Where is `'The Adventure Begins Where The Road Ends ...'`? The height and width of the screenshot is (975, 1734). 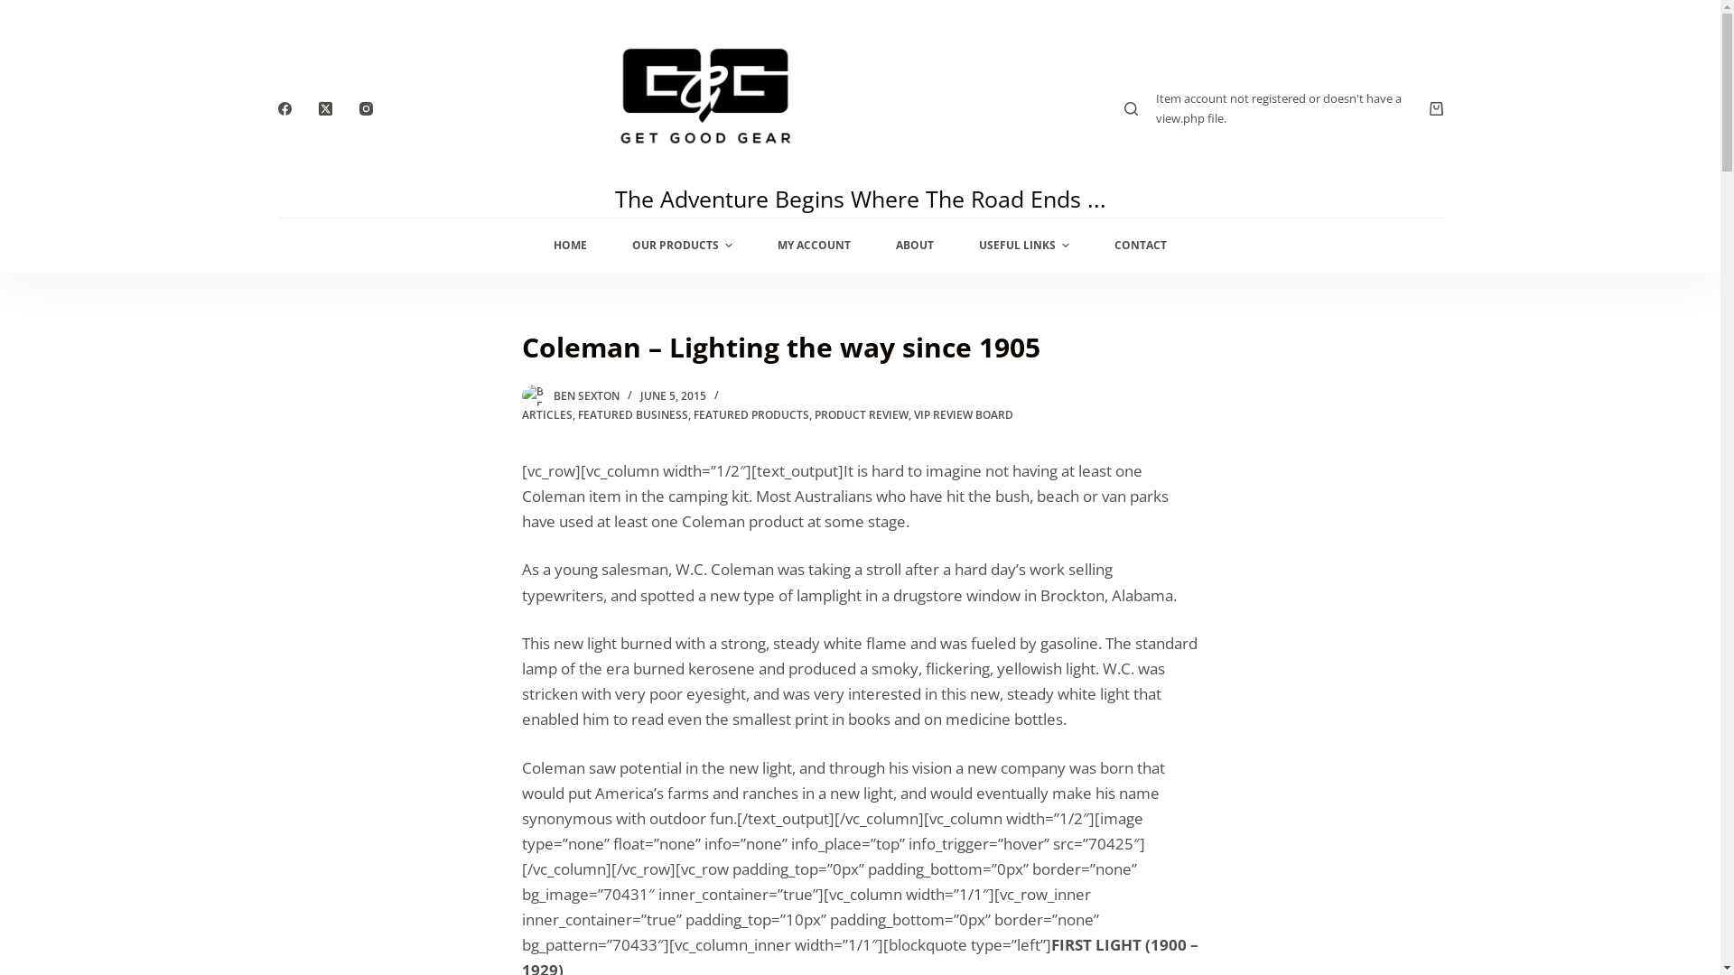
'The Adventure Begins Where The Road Ends ...' is located at coordinates (858, 198).